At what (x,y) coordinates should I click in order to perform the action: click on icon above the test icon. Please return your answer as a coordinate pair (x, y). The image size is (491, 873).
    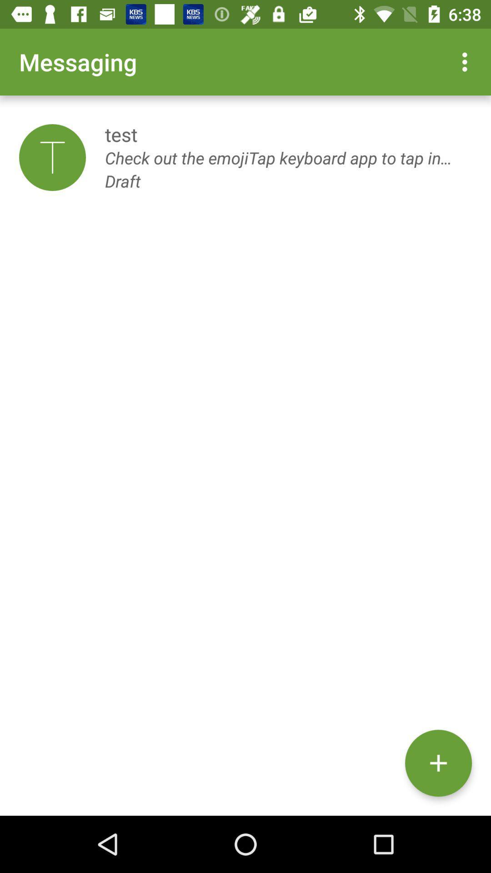
    Looking at the image, I should click on (467, 61).